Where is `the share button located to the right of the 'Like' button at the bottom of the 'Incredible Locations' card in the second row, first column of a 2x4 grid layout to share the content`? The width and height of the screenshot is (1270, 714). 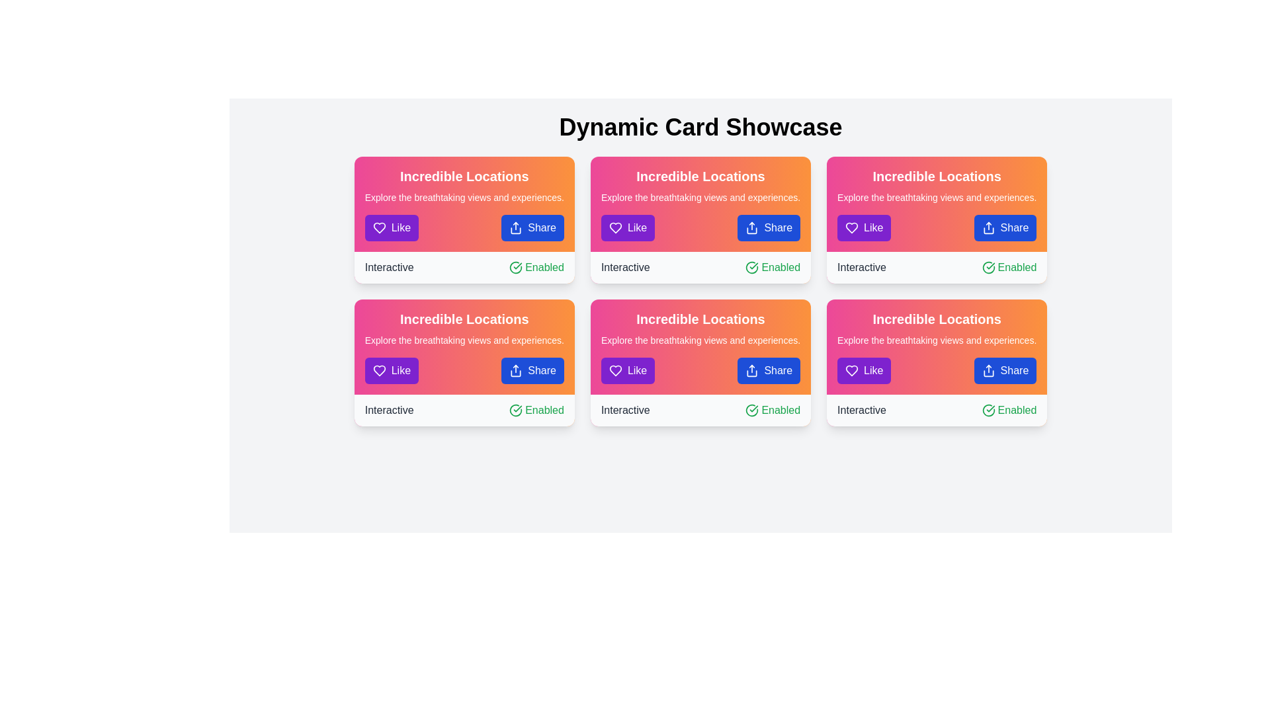 the share button located to the right of the 'Like' button at the bottom of the 'Incredible Locations' card in the second row, first column of a 2x4 grid layout to share the content is located at coordinates (532, 370).